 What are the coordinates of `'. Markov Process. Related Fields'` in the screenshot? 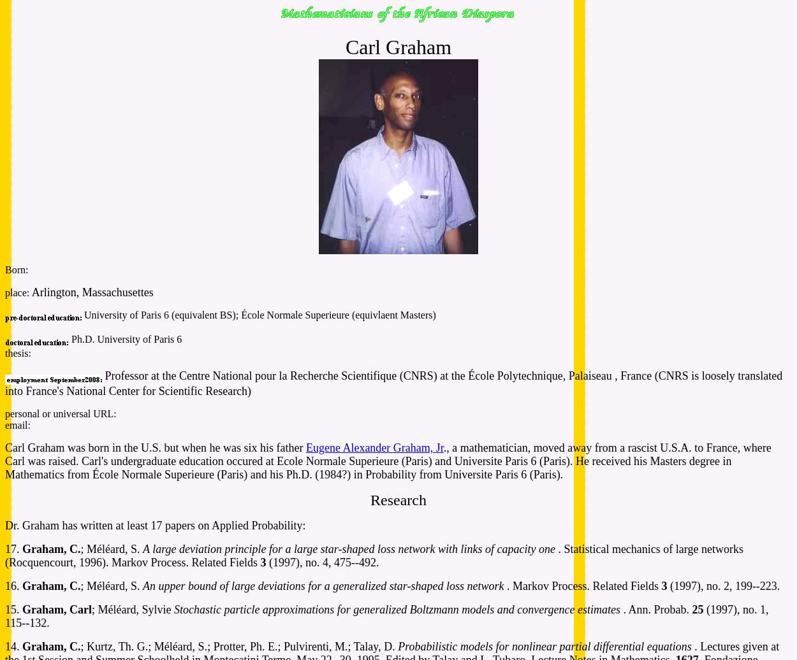 It's located at (506, 585).